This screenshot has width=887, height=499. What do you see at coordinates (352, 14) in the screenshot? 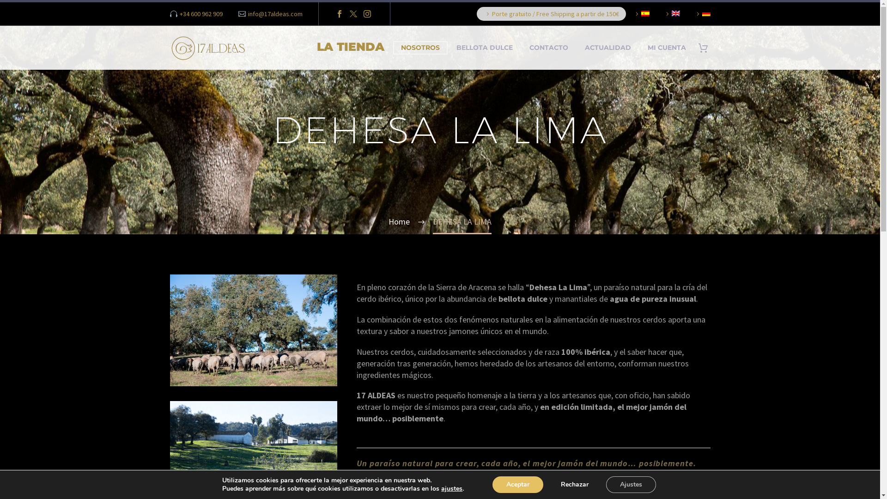
I see `'Twitter'` at bounding box center [352, 14].